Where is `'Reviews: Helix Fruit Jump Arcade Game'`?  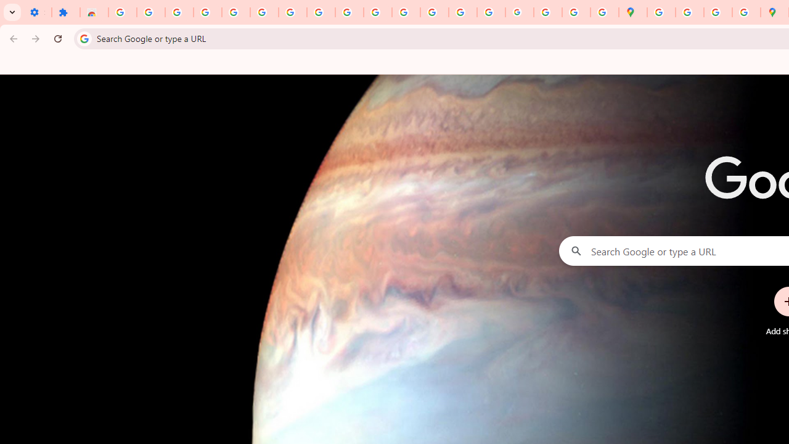
'Reviews: Helix Fruit Jump Arcade Game' is located at coordinates (94, 12).